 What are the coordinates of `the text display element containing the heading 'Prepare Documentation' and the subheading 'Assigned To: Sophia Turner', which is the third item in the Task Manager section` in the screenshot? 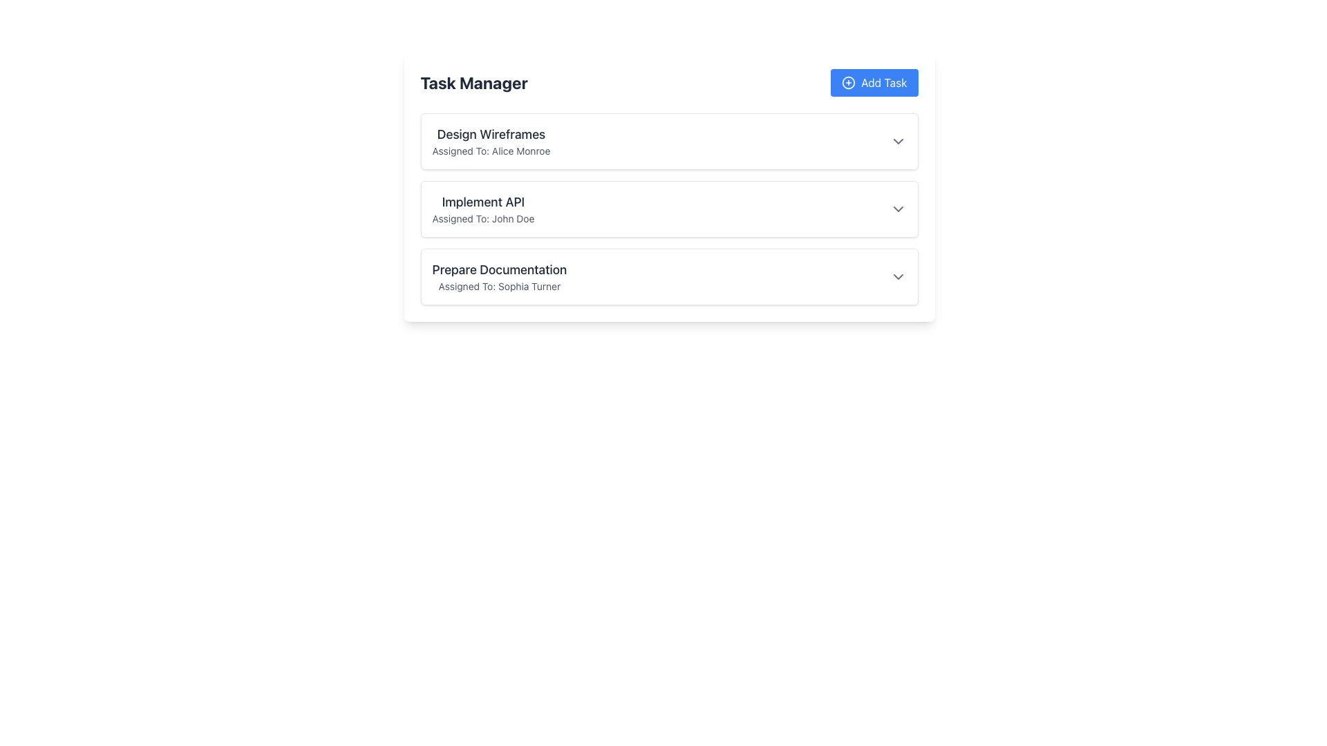 It's located at (498, 277).